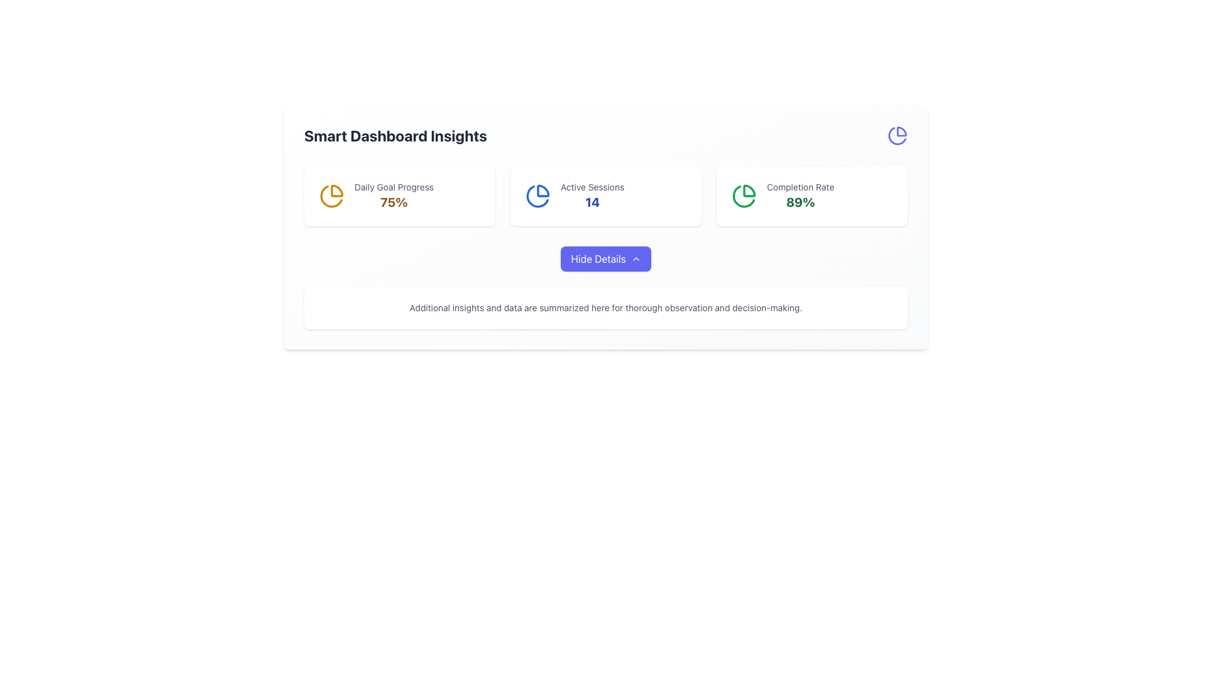 Image resolution: width=1207 pixels, height=679 pixels. What do you see at coordinates (537, 196) in the screenshot?
I see `the icon representing 'Active Sessions', which is centrally located on the dashboard above the 'Active Sessions' label` at bounding box center [537, 196].